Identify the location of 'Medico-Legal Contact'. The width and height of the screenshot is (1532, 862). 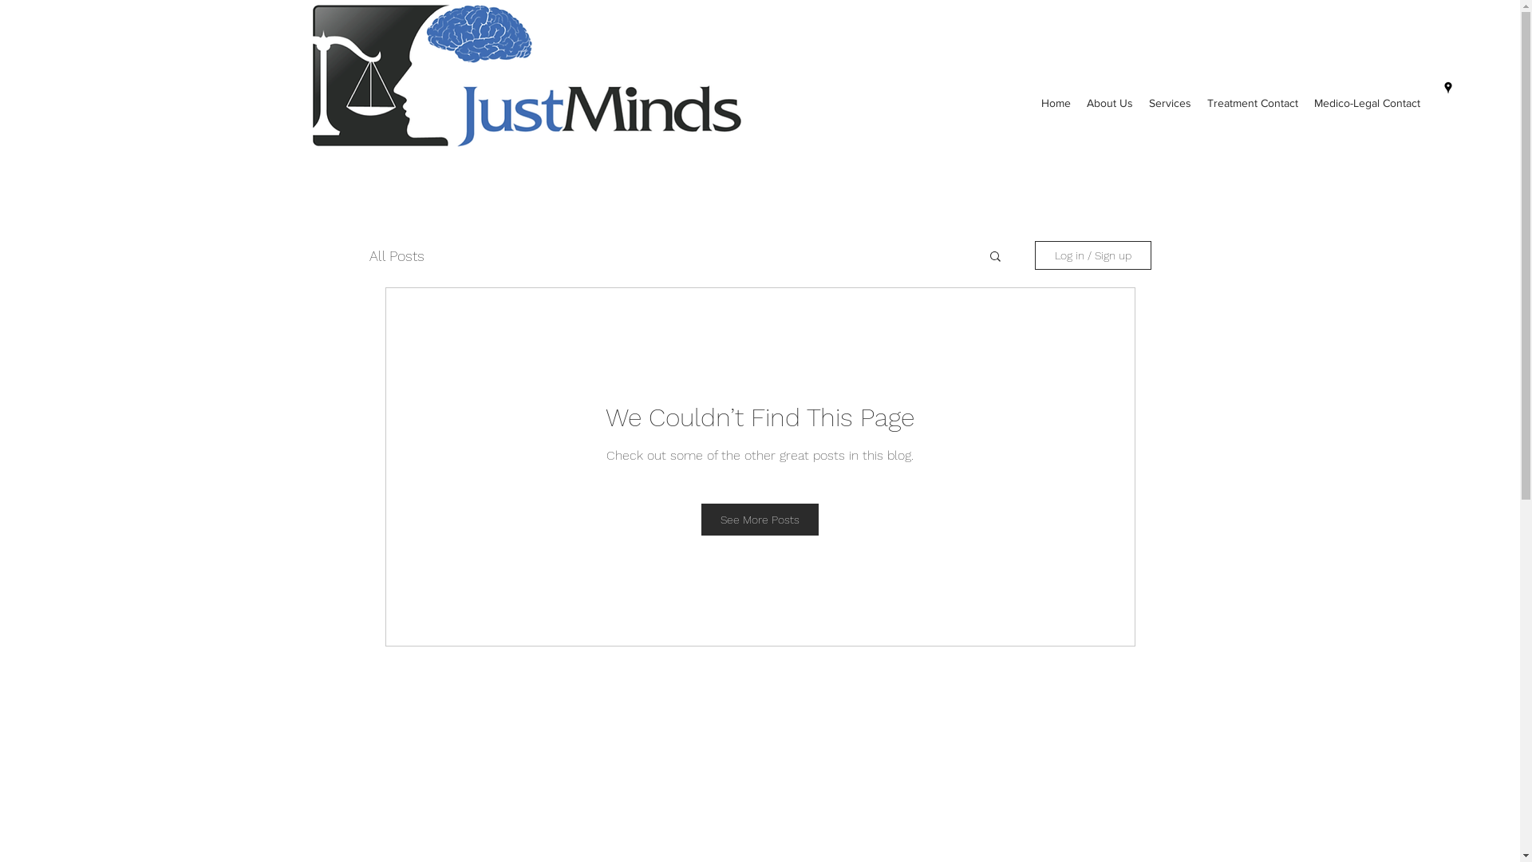
(1366, 103).